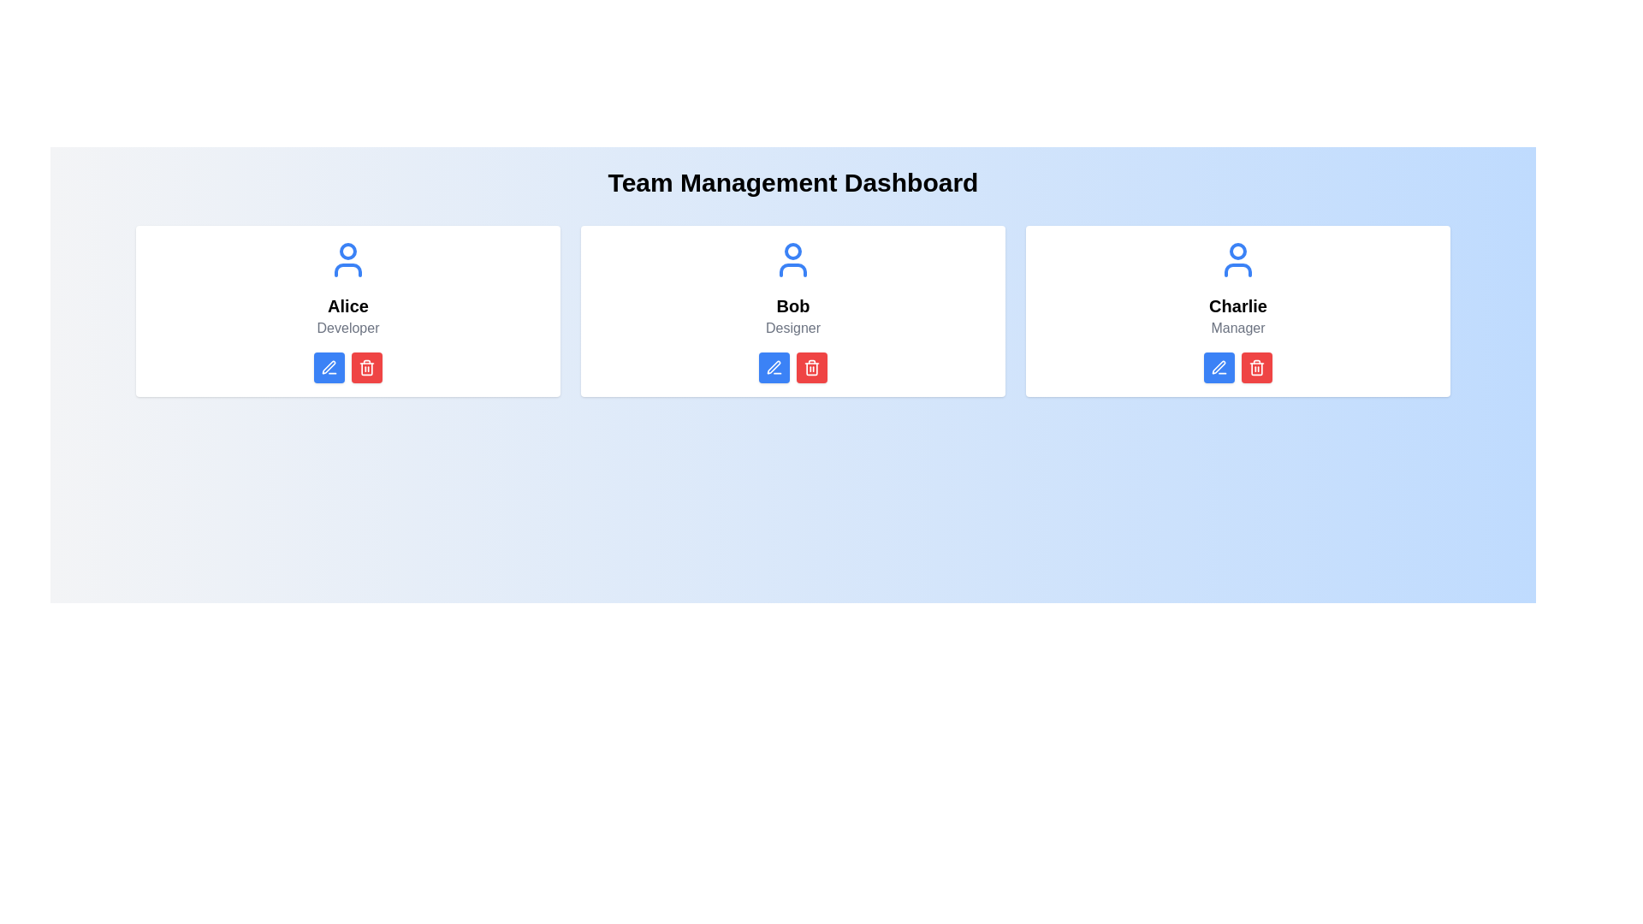  I want to click on the static text label displaying the name 'Bob' within the central user profile summary card, located below the user icon and above the label 'Designer', so click(792, 305).